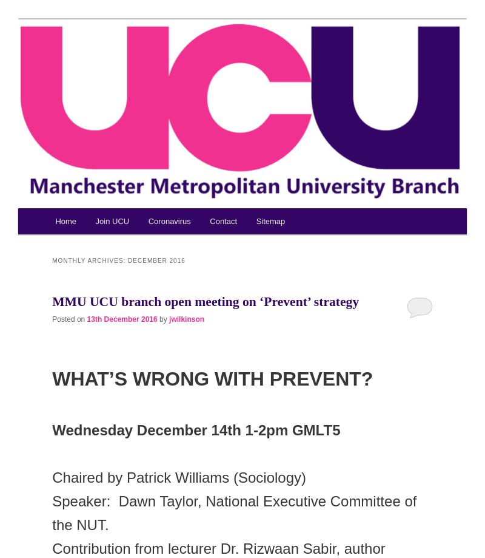  I want to click on 'December 2016', so click(156, 260).